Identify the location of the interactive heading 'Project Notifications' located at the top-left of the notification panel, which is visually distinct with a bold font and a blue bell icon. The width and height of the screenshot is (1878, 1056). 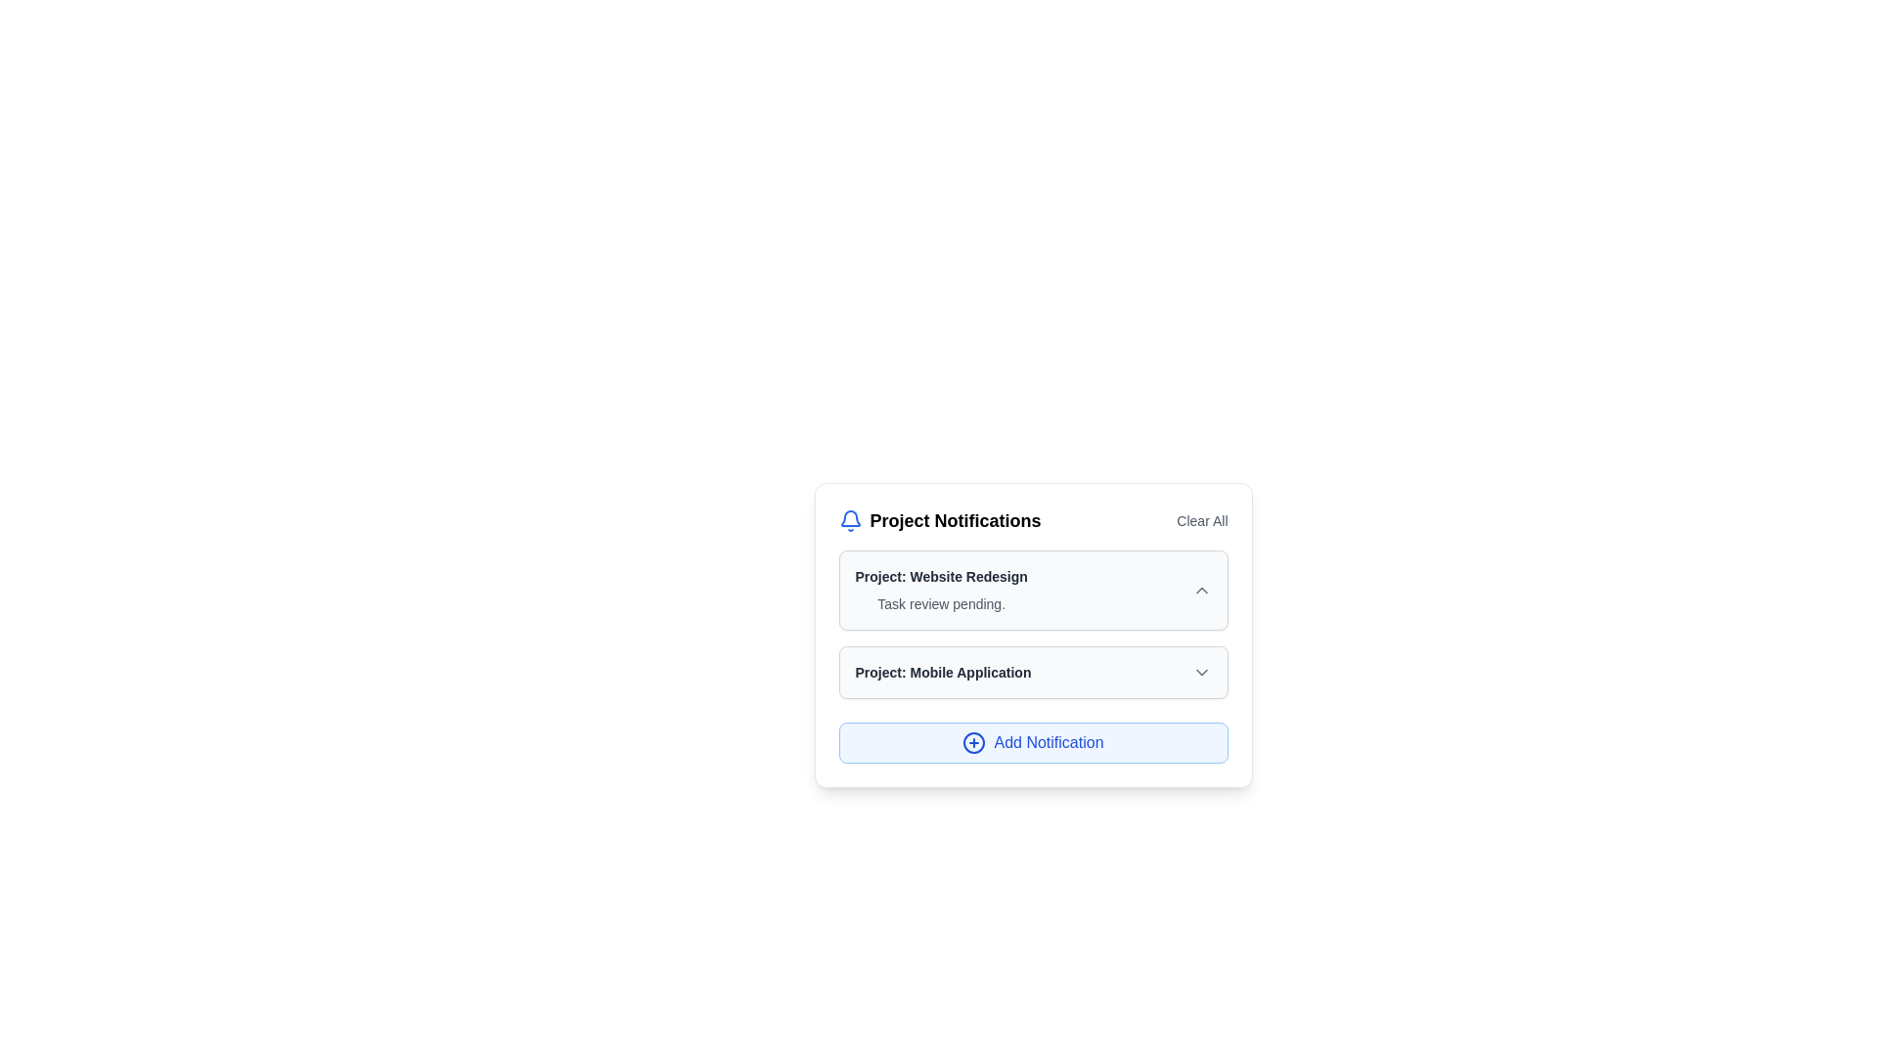
(939, 519).